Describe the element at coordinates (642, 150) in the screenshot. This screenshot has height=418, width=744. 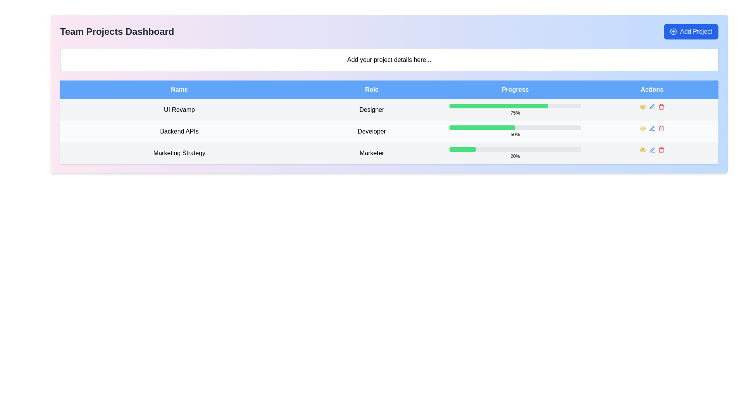
I see `the 'View' button in the 'Actions' column of the project 'Backend APIs'` at that location.